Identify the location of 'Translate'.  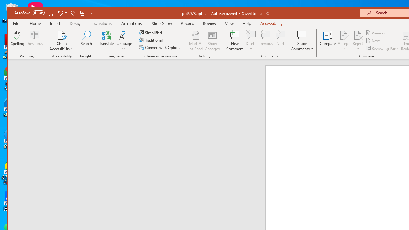
(106, 41).